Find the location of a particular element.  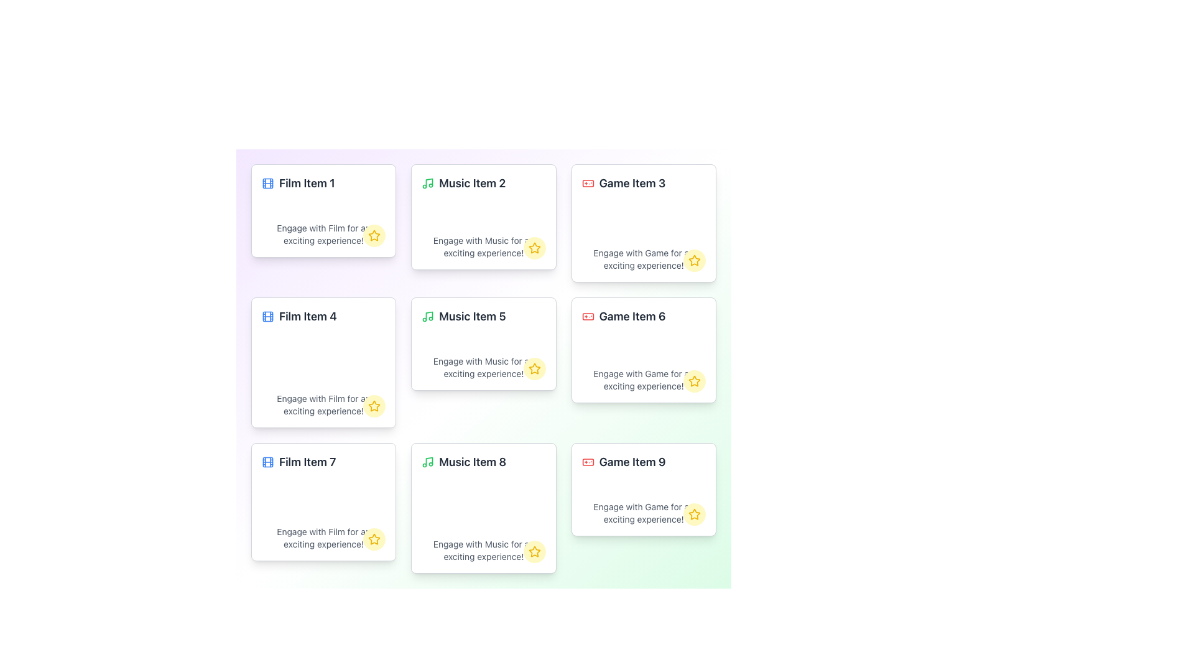

the selectable content card located in the bottom-left corner of the 3x3 grid layout, below 'Film Item 4' and is located at coordinates (323, 501).